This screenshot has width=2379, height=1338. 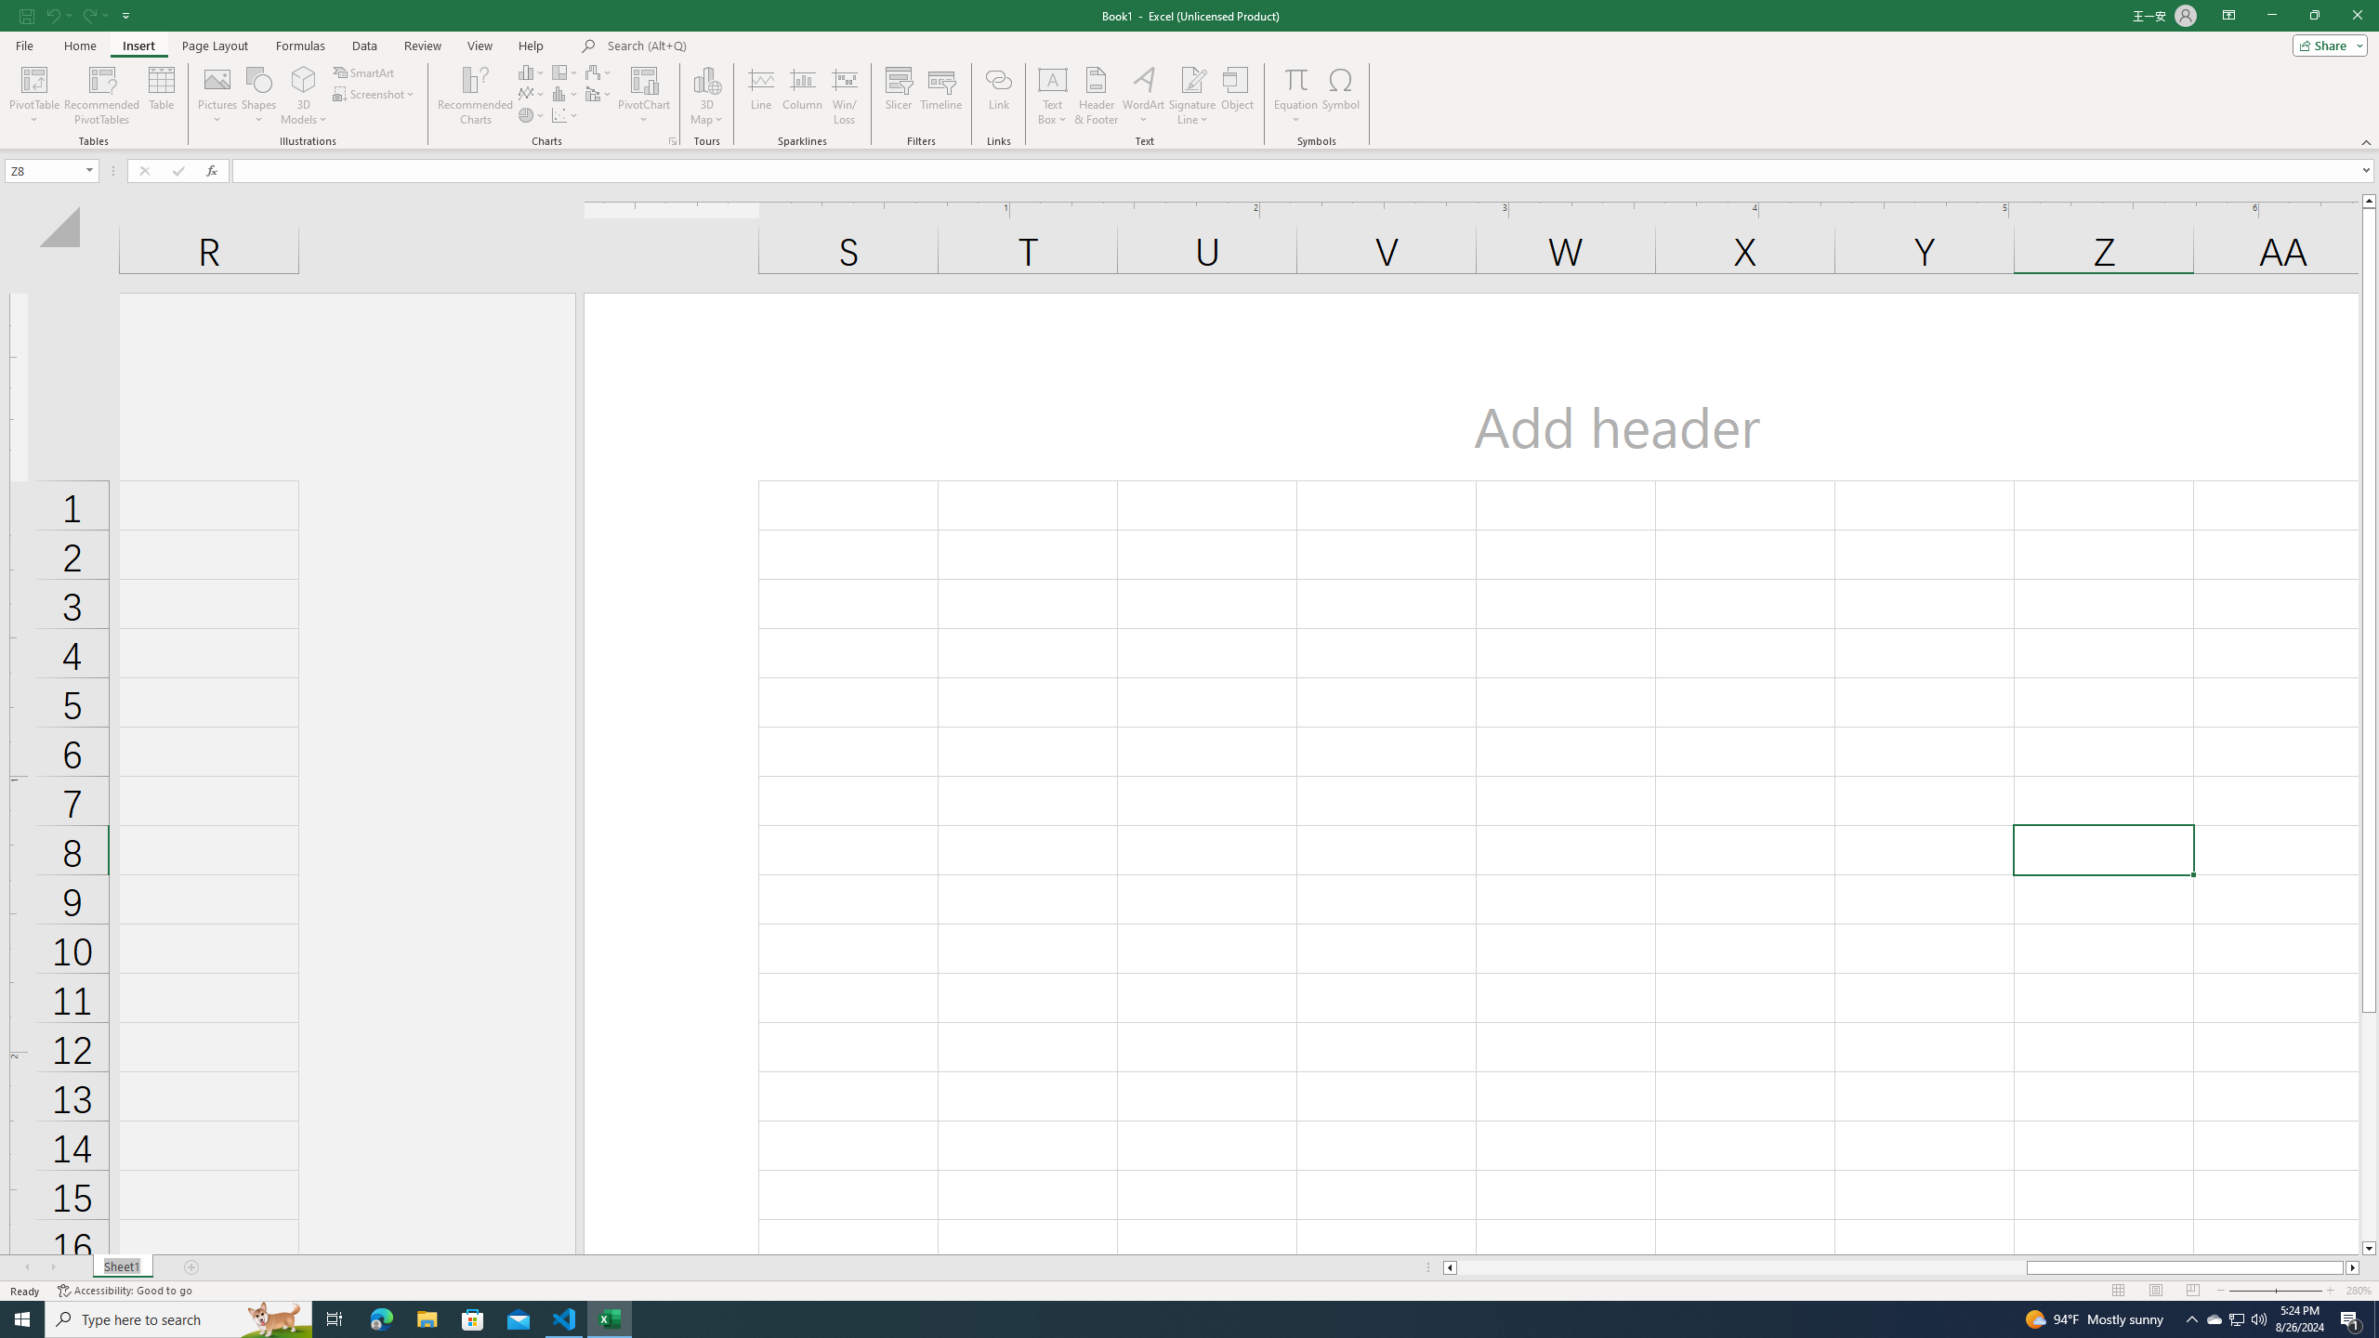 I want to click on 'Timeline', so click(x=940, y=96).